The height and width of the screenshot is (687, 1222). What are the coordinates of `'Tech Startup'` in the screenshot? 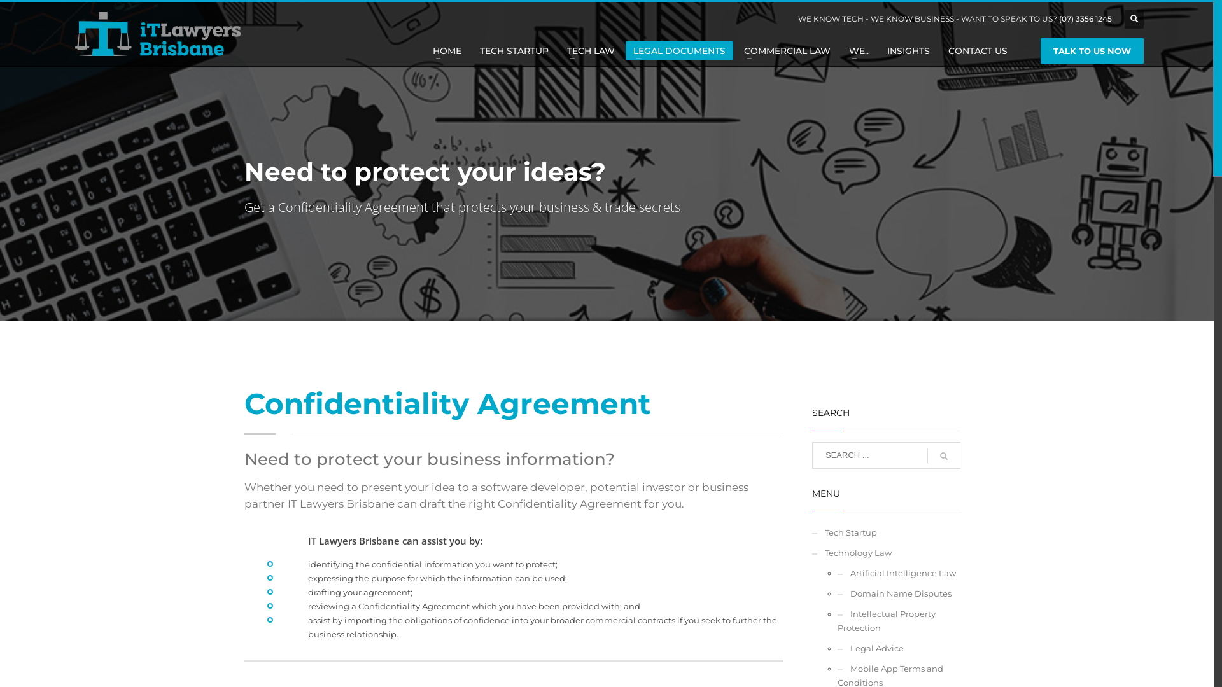 It's located at (811, 532).